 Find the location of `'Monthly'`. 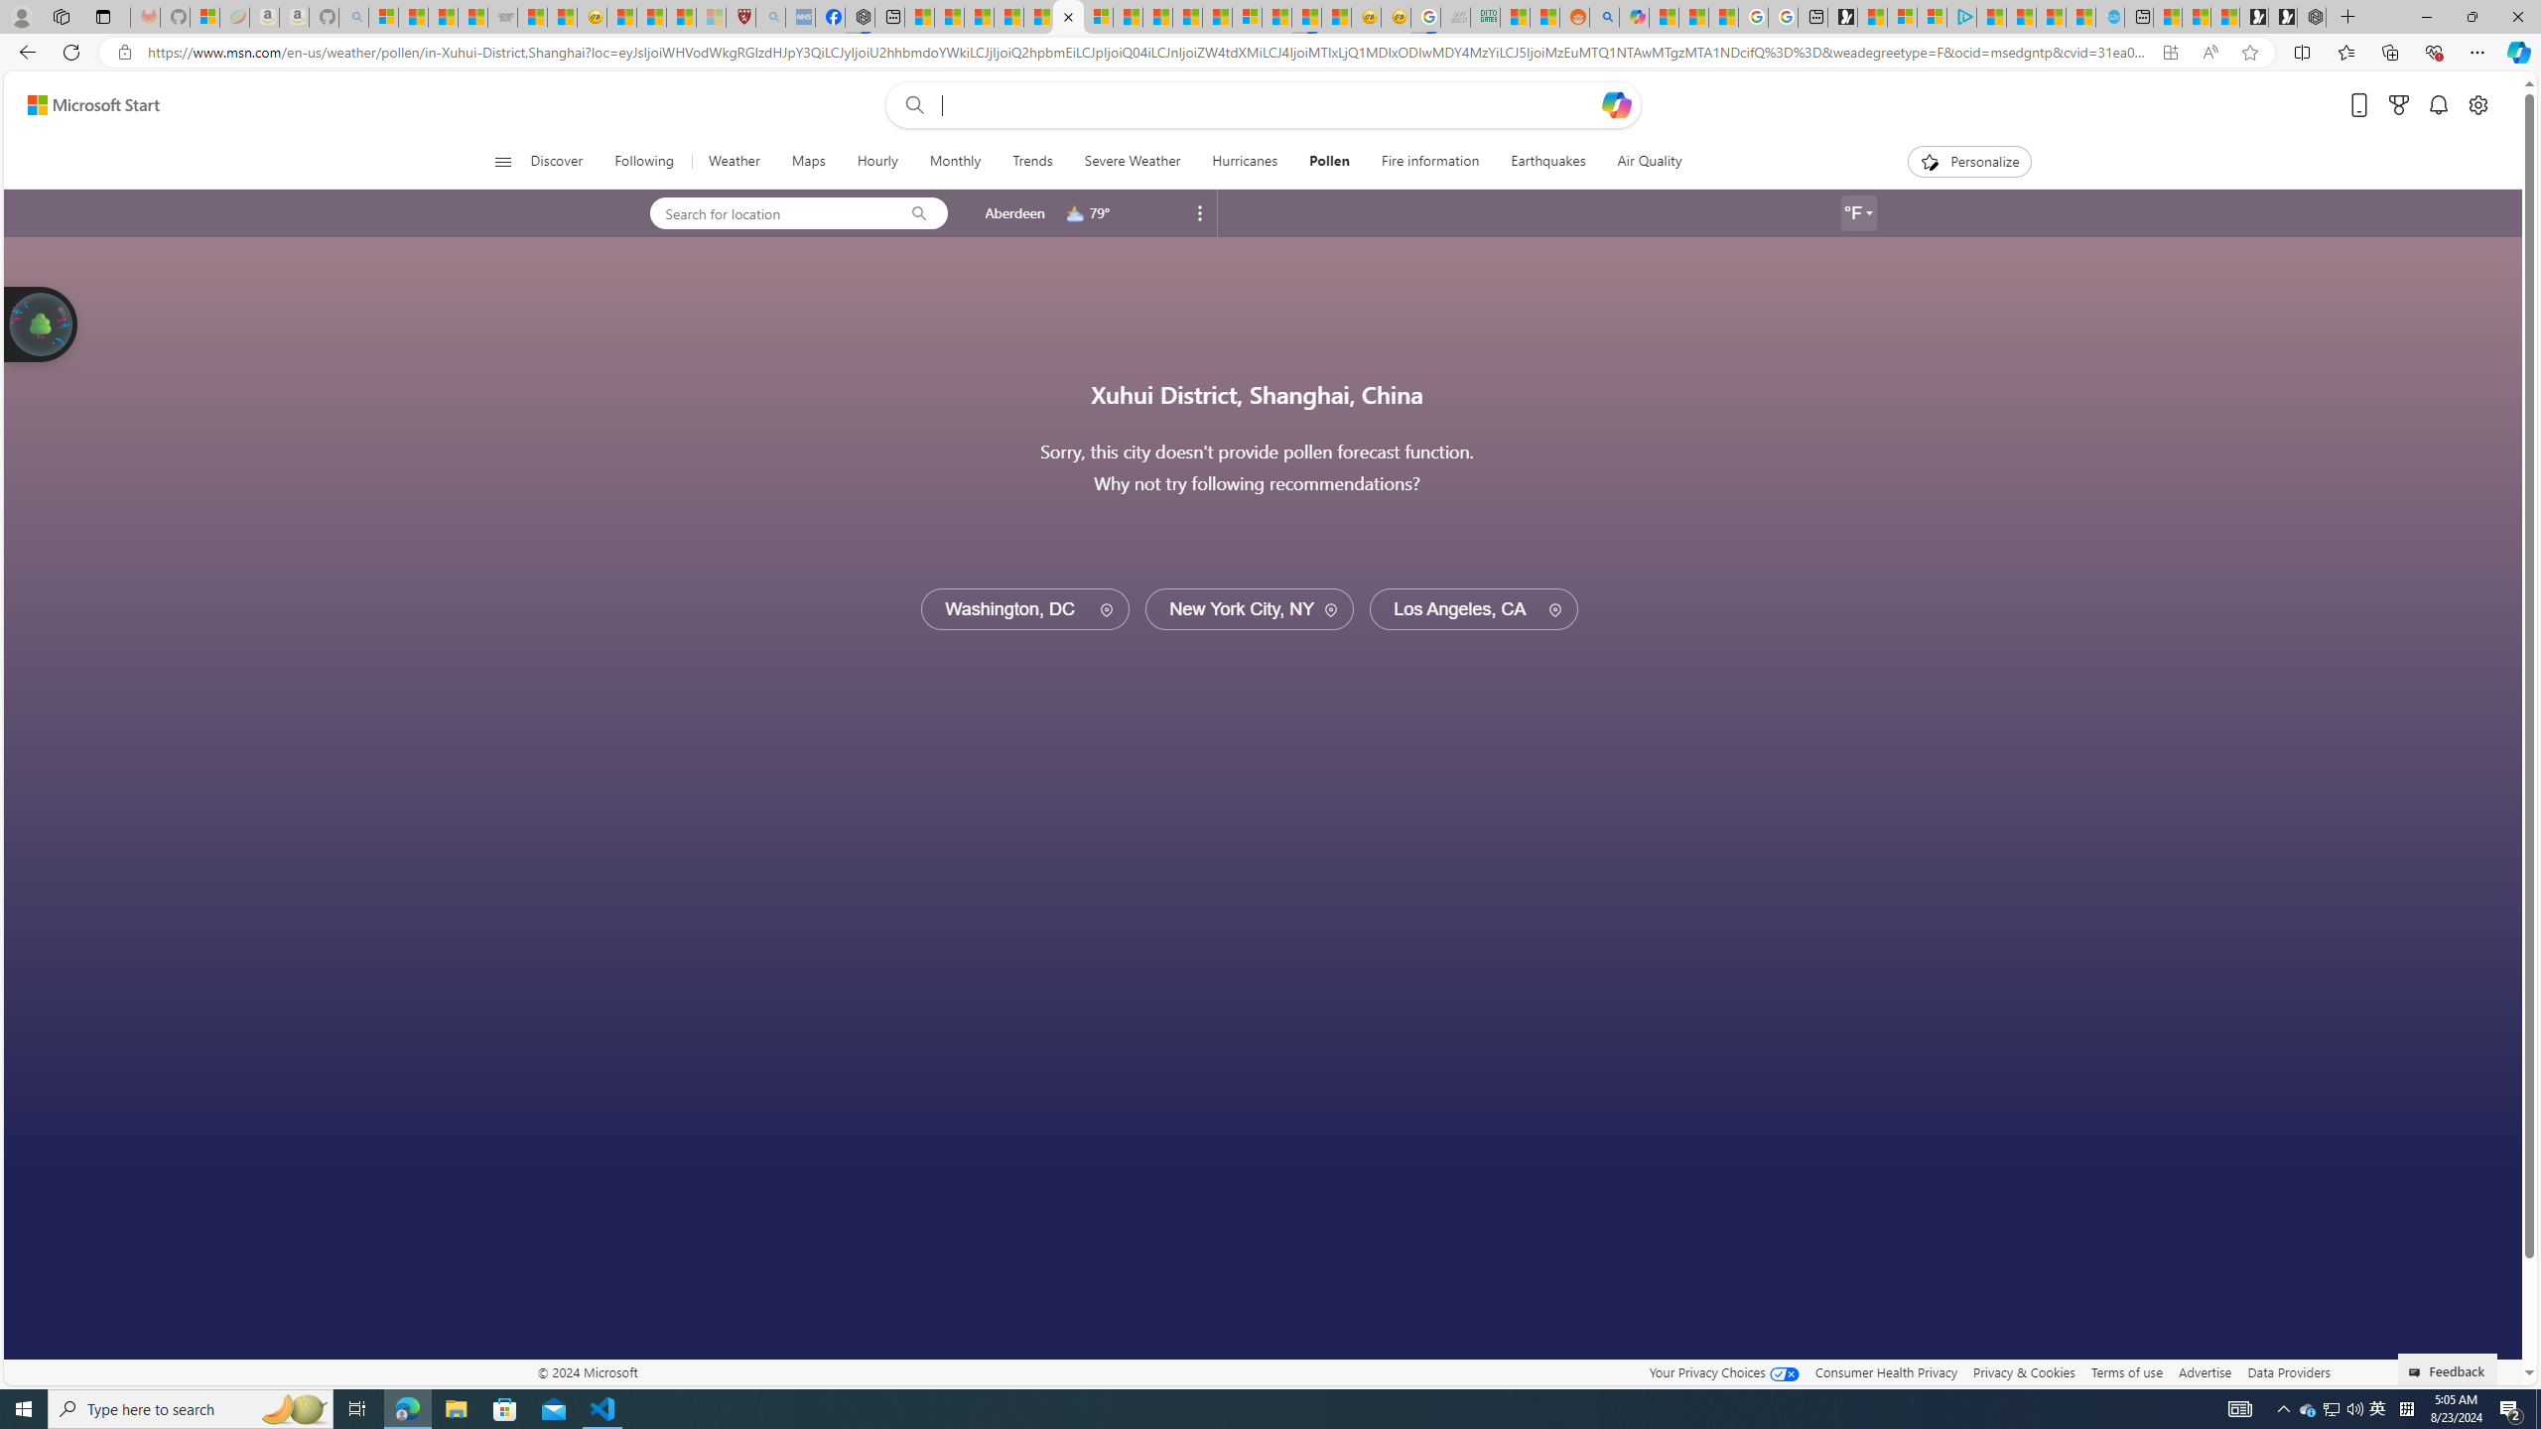

'Monthly' is located at coordinates (955, 161).